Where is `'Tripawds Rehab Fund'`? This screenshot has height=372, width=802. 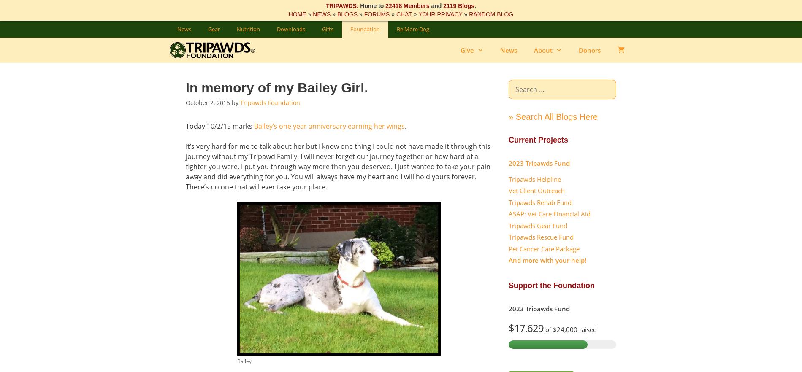 'Tripawds Rehab Fund' is located at coordinates (539, 202).